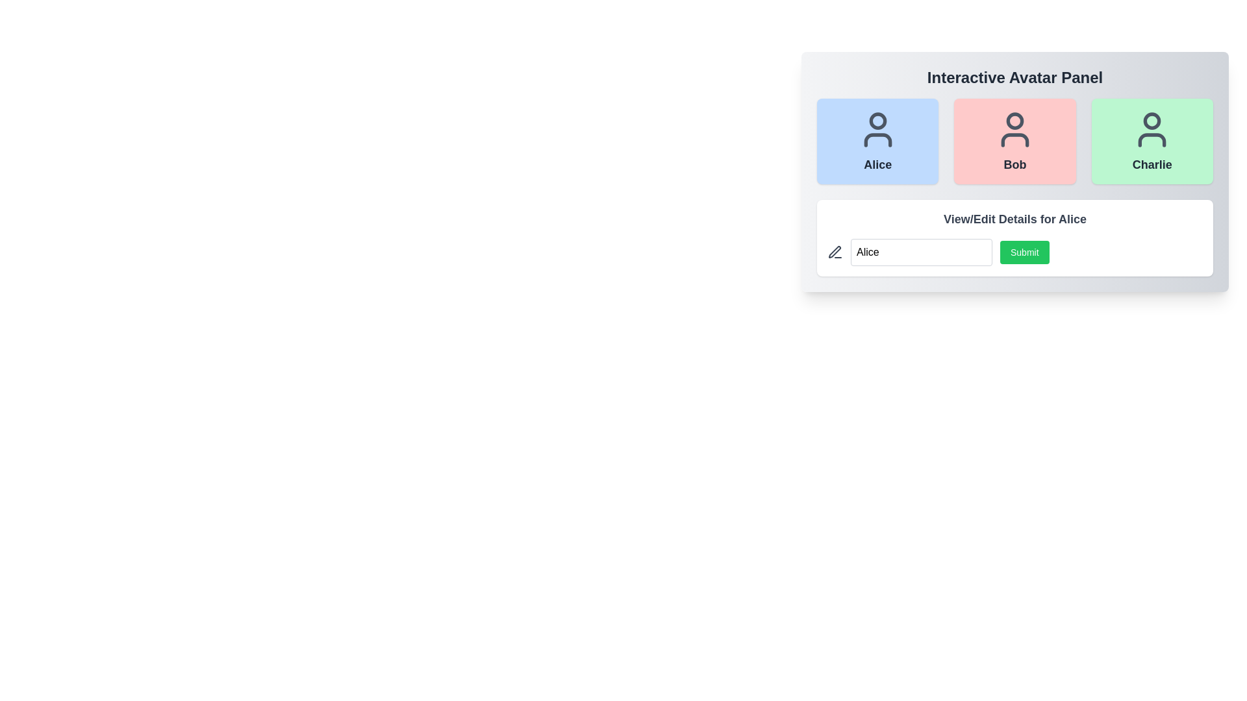 The width and height of the screenshot is (1247, 701). What do you see at coordinates (877, 130) in the screenshot?
I see `the user profile icon representing Alice, which is centrally positioned above the text 'Alice' in the user card` at bounding box center [877, 130].